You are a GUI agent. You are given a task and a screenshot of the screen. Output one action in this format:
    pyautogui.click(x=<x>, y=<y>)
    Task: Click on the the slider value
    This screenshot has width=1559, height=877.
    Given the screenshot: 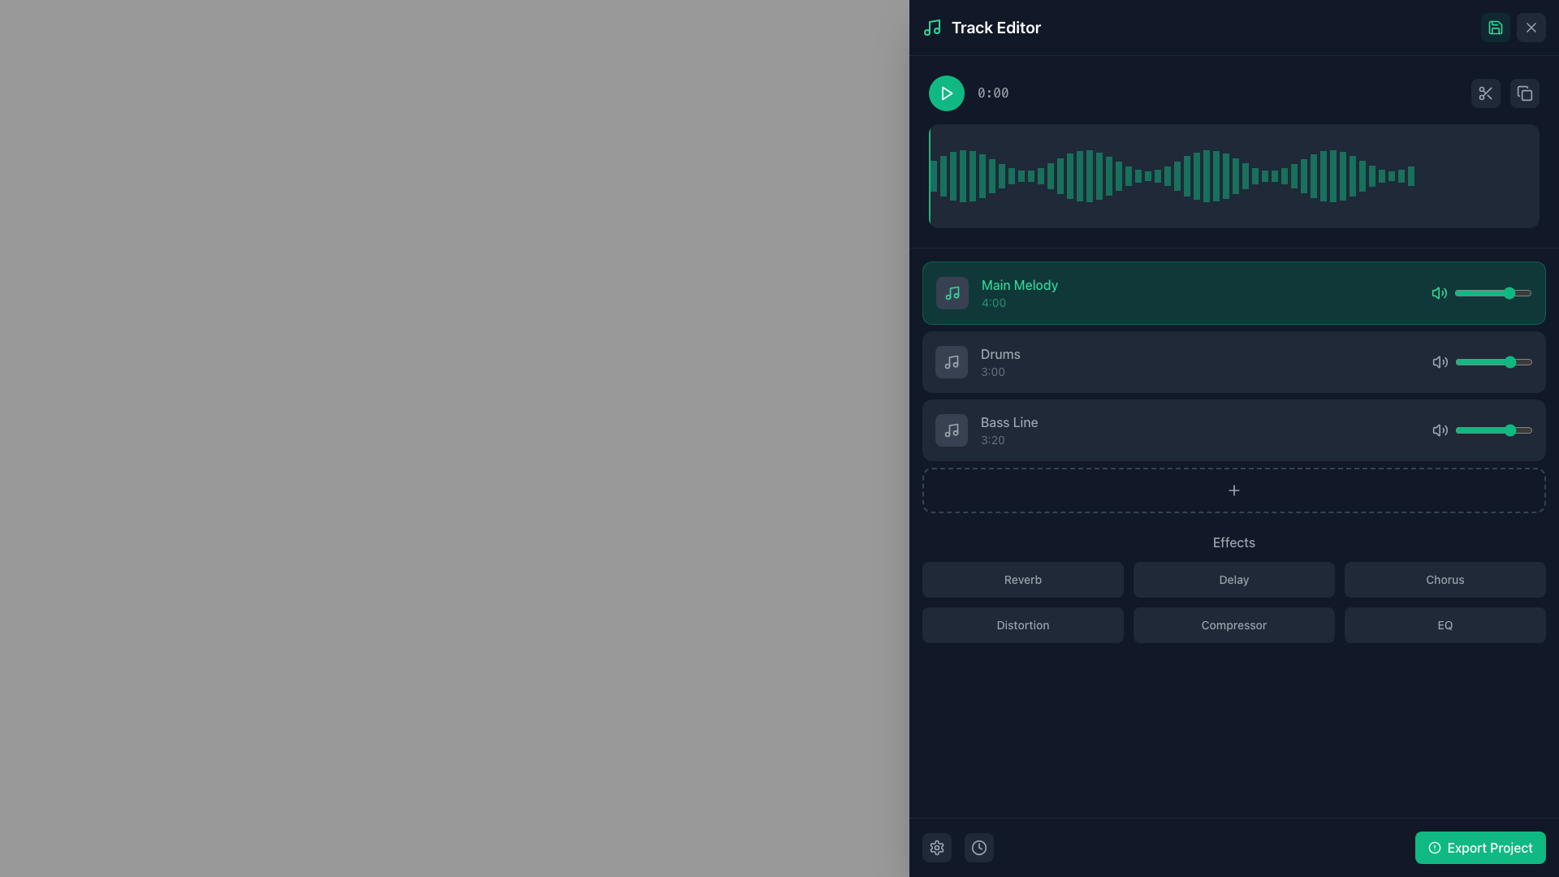 What is the action you would take?
    pyautogui.click(x=1465, y=429)
    